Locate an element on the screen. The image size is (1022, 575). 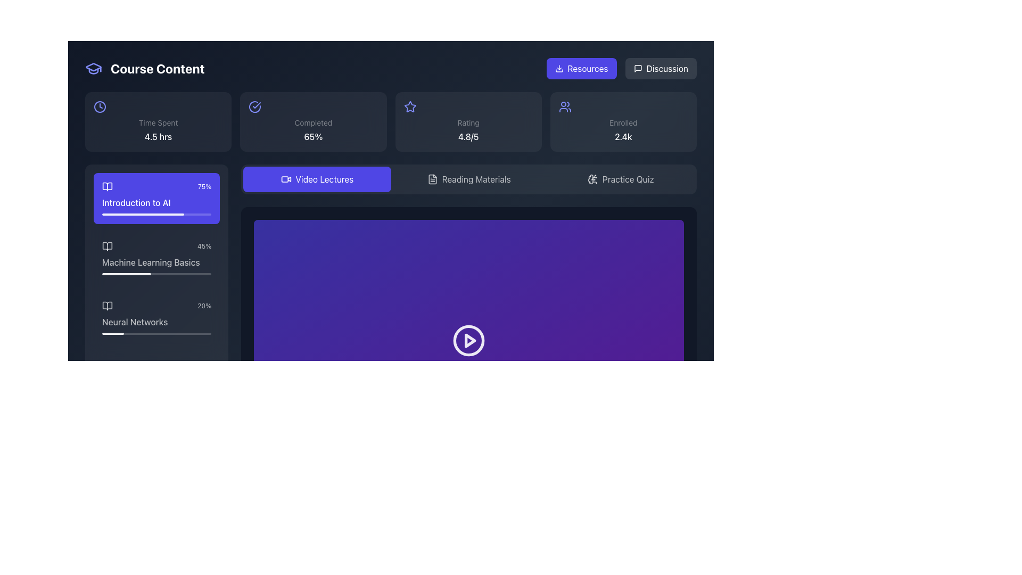
the small speech bubble icon located within the 'Discussion' button in the upper-right corner of the interface, positioned to the left of the 'Discussion' text is located at coordinates (638, 68).